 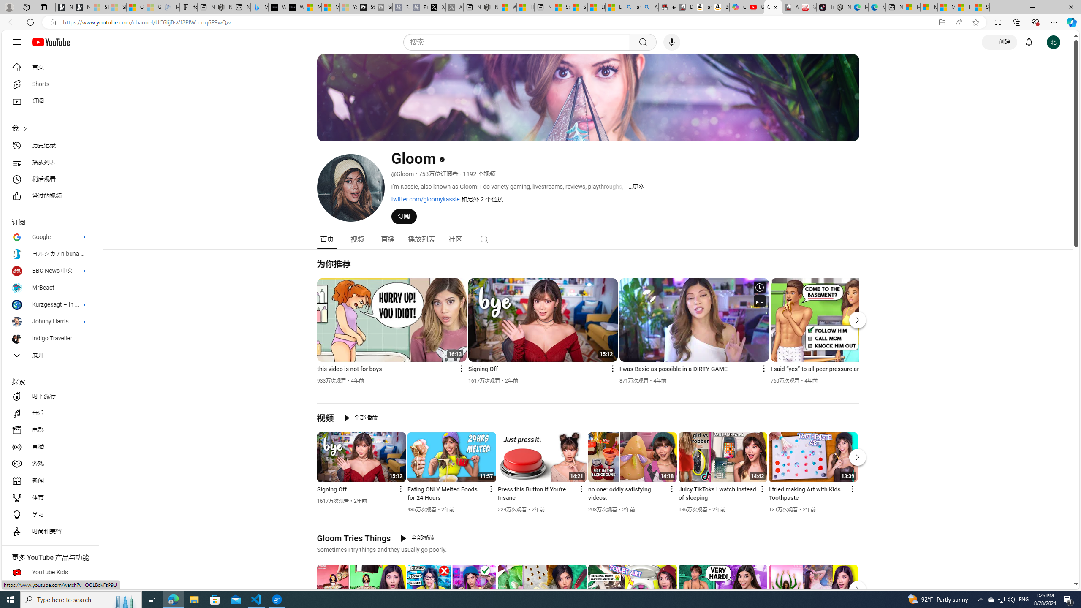 I want to click on 'App available. Install YouTube', so click(x=942, y=22).